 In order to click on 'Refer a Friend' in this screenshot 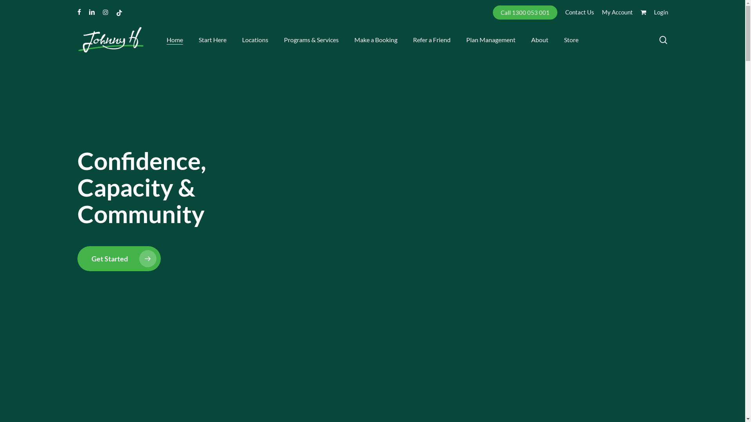, I will do `click(431, 39)`.